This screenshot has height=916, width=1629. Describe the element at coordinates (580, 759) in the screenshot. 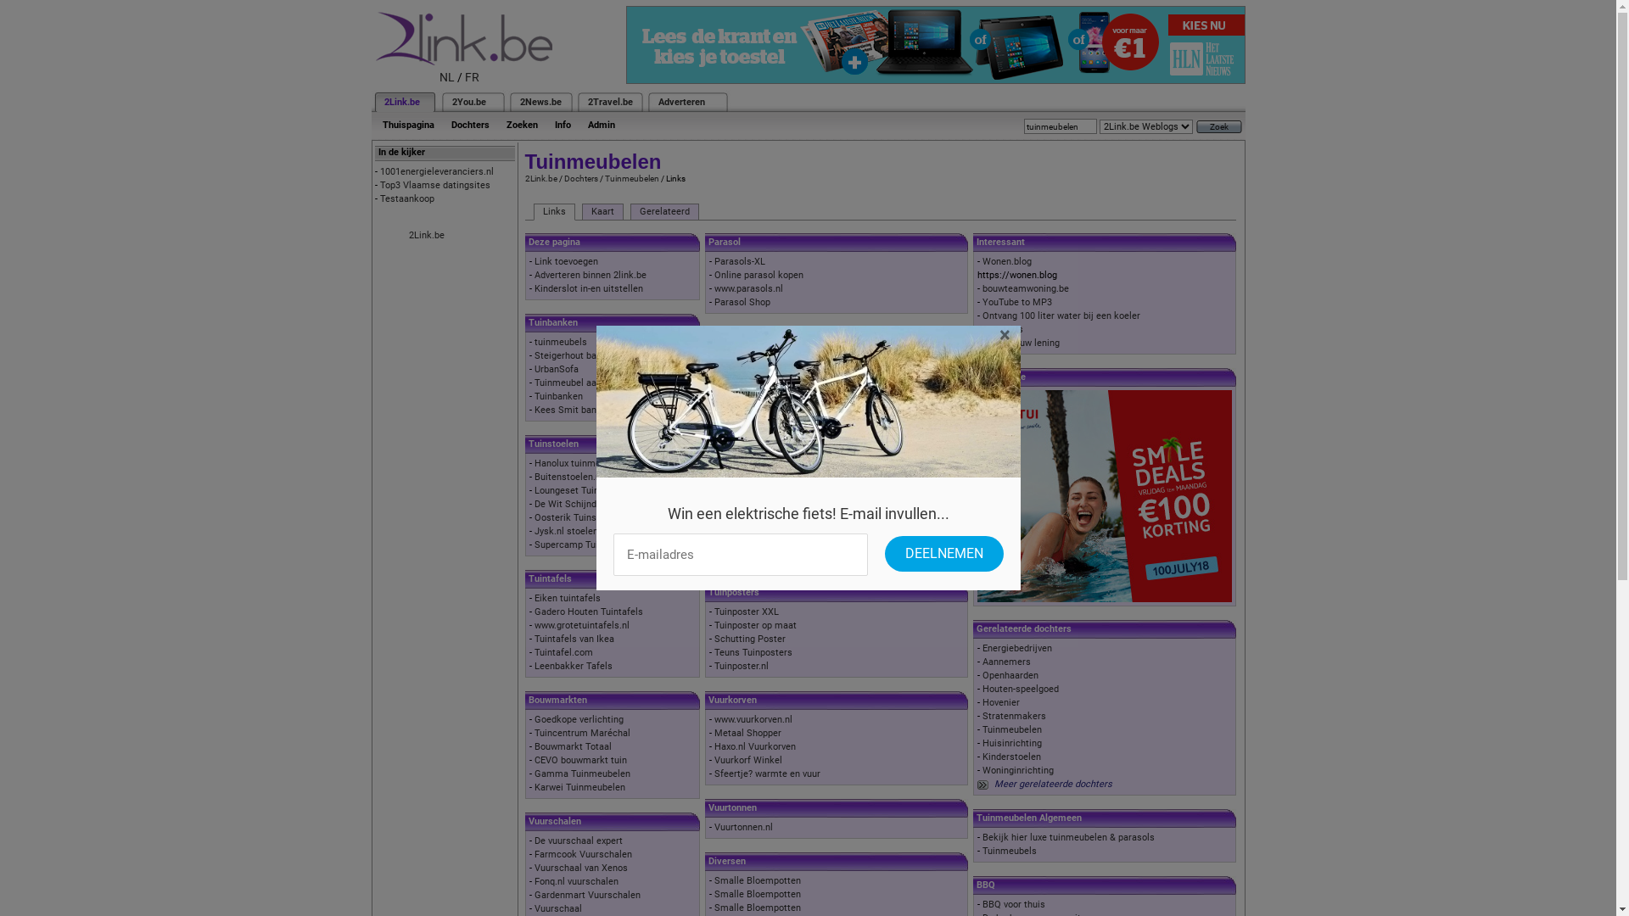

I see `'CEVO bouwmarkt tuin'` at that location.